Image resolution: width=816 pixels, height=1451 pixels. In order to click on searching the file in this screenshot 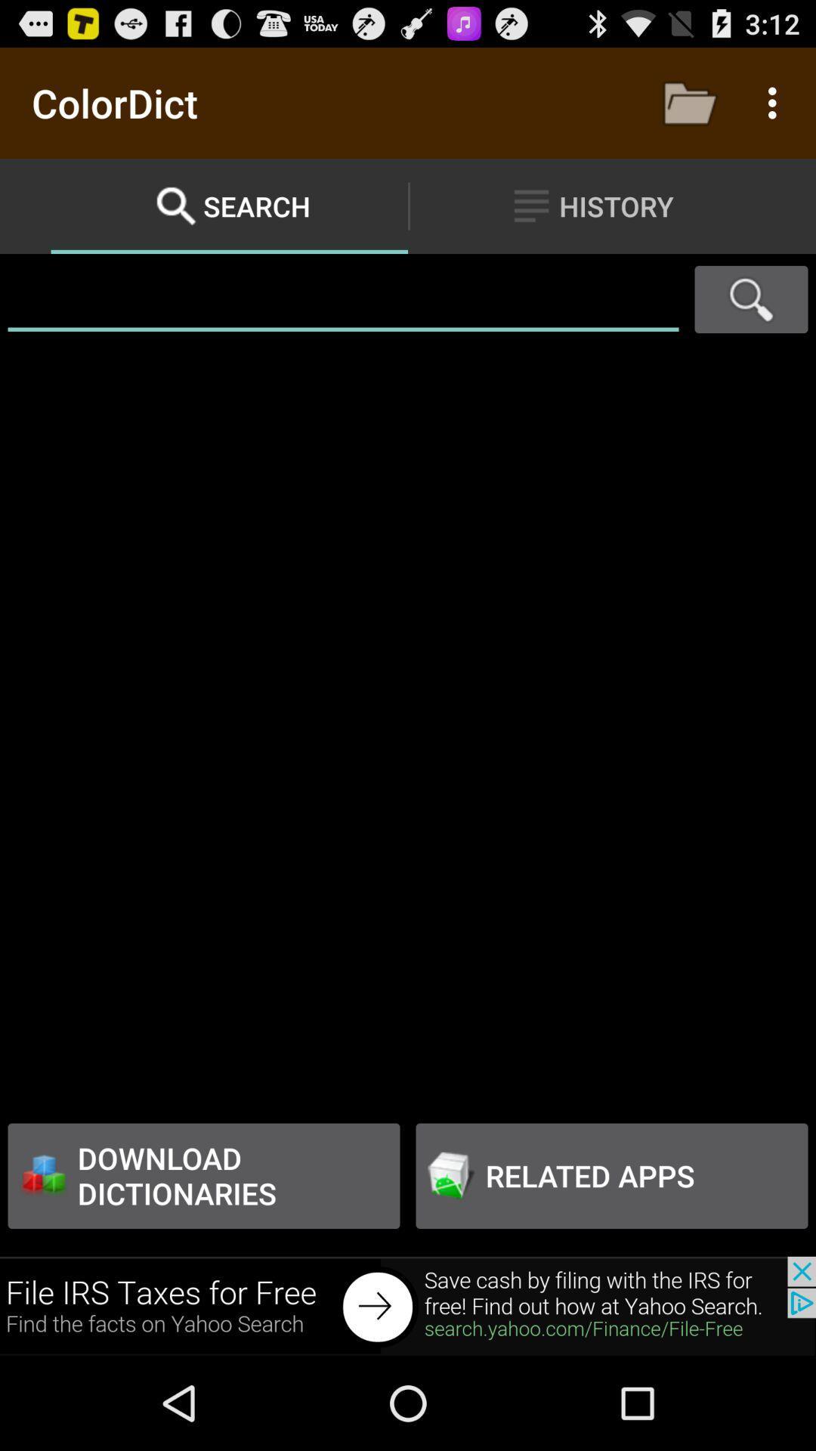, I will do `click(343, 299)`.